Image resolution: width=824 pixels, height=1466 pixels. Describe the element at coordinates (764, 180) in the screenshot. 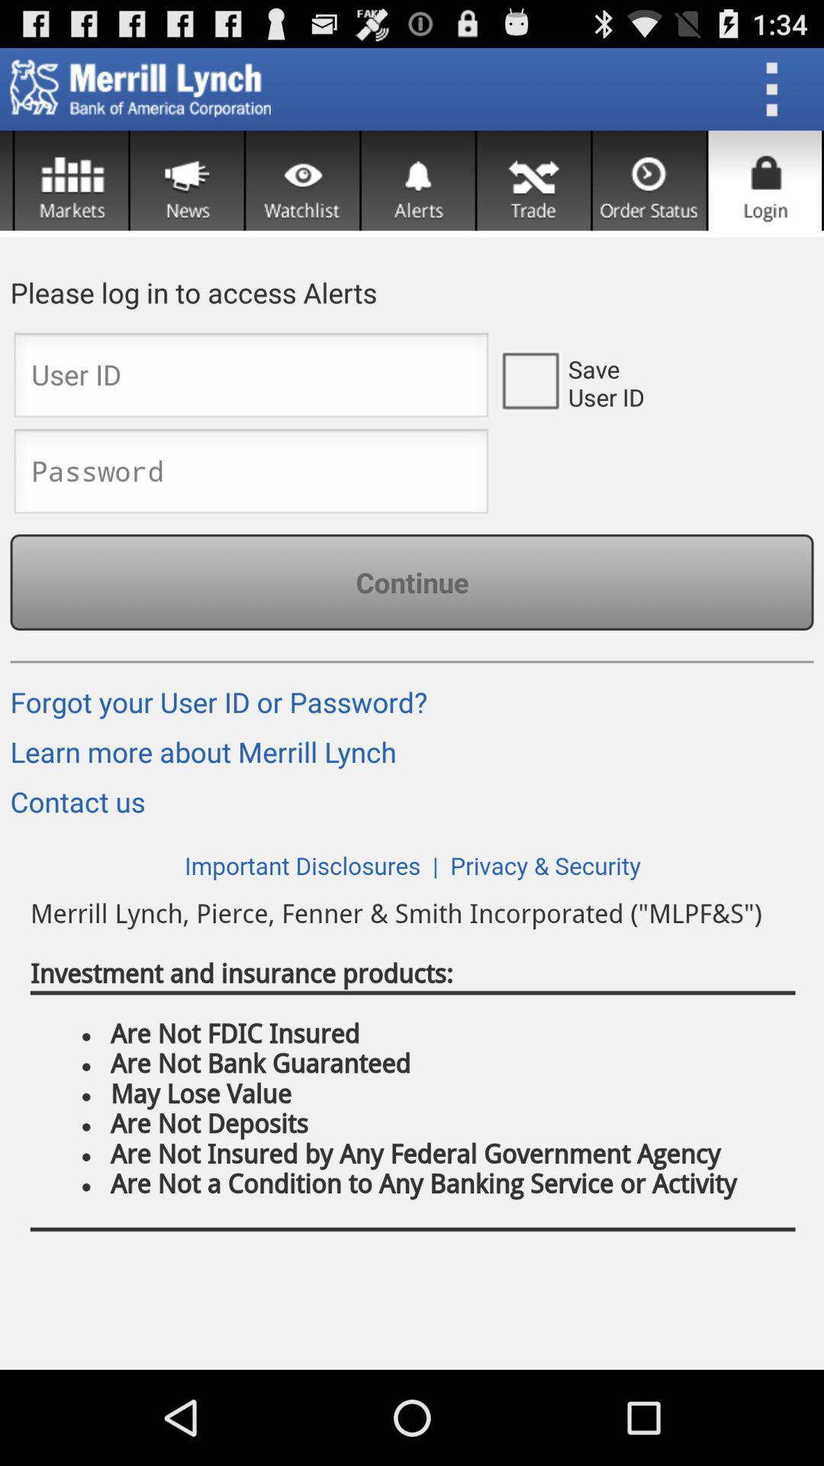

I see `login syumpol` at that location.